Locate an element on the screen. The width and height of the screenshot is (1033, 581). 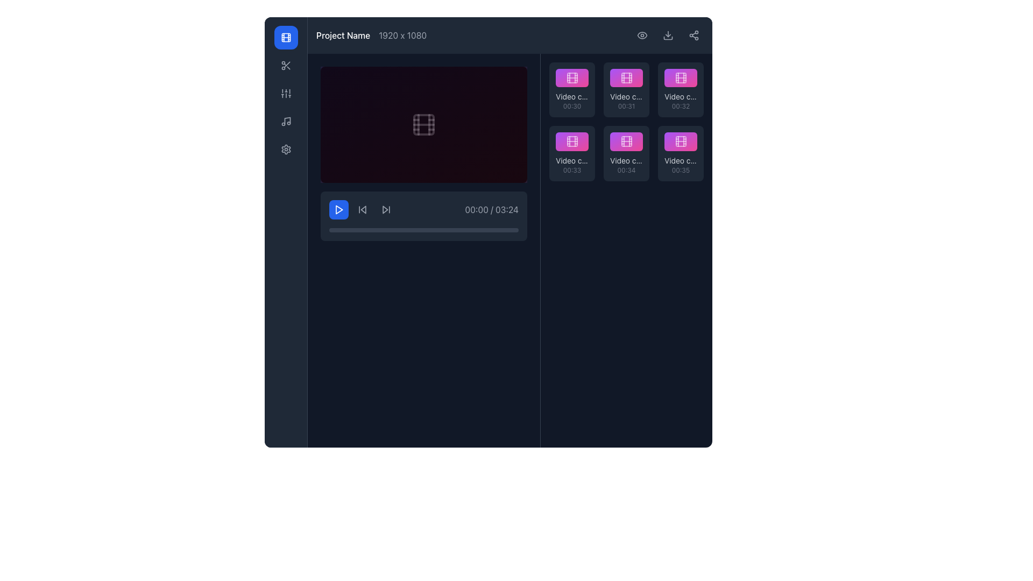
the Text Label indicating the duration of the video clip, which is positioned below 'Video clip 6' and is located in the last column and last row of the grid layout is located at coordinates (680, 169).